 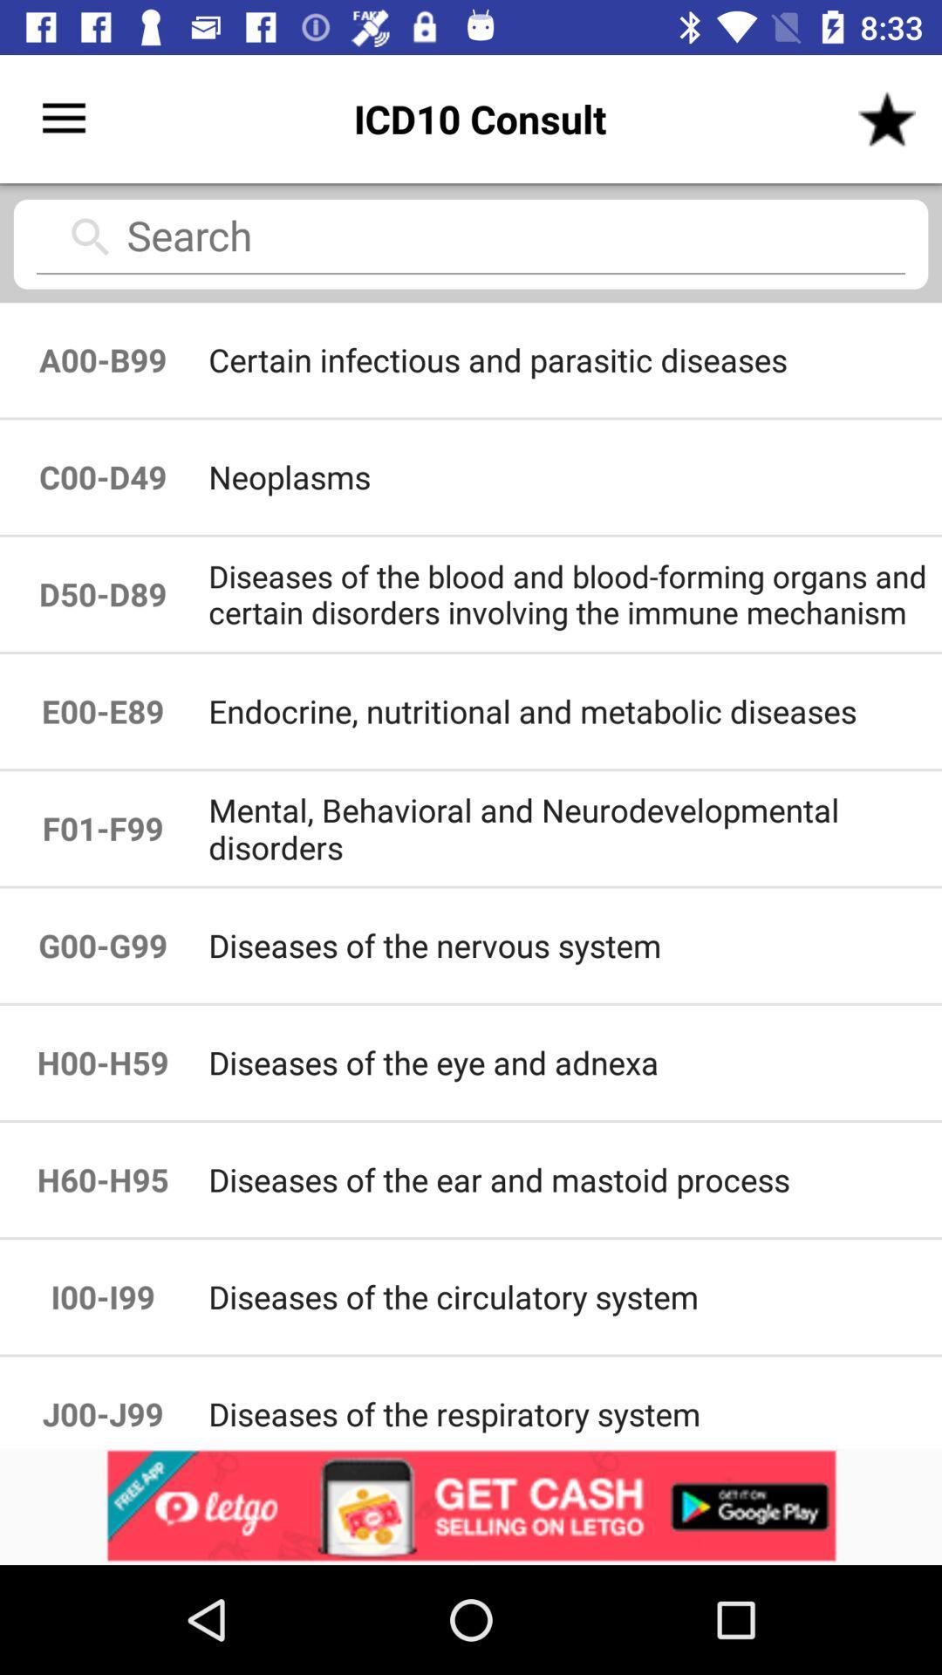 What do you see at coordinates (471, 242) in the screenshot?
I see `the icon above the a00-b99` at bounding box center [471, 242].